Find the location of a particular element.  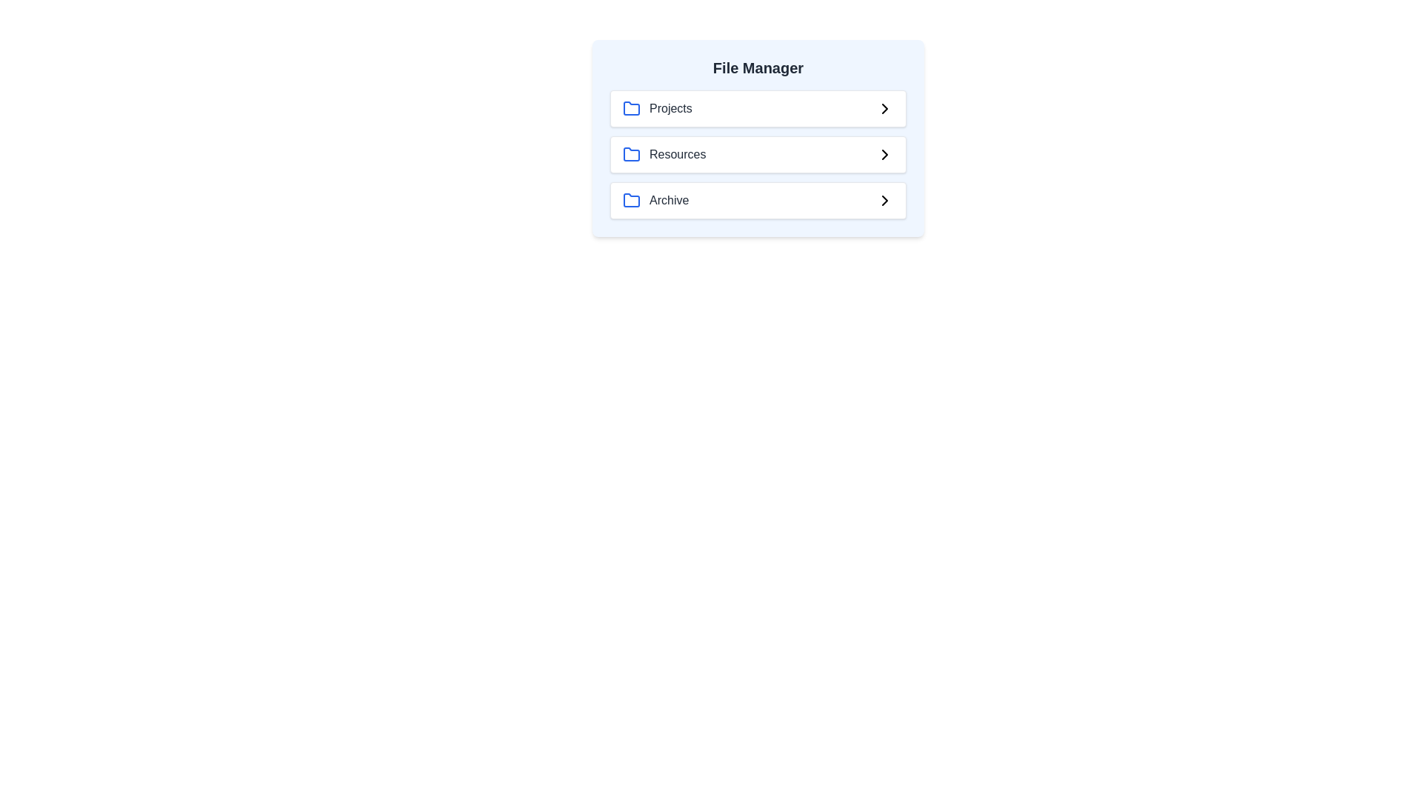

the folder icon representing the 'Projects' directory is located at coordinates (632, 107).